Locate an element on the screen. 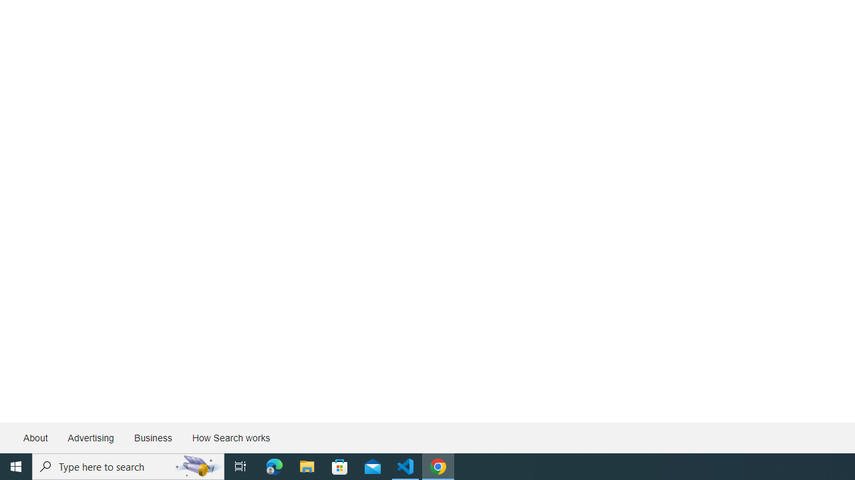 This screenshot has height=480, width=855. 'About' is located at coordinates (35, 438).